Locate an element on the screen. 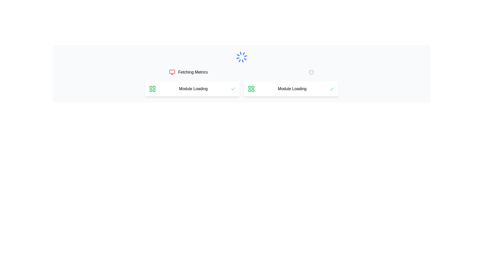 The height and width of the screenshot is (272, 484). the red monitor icon located to the left of the 'Fetching Metrics' text for information is located at coordinates (172, 72).